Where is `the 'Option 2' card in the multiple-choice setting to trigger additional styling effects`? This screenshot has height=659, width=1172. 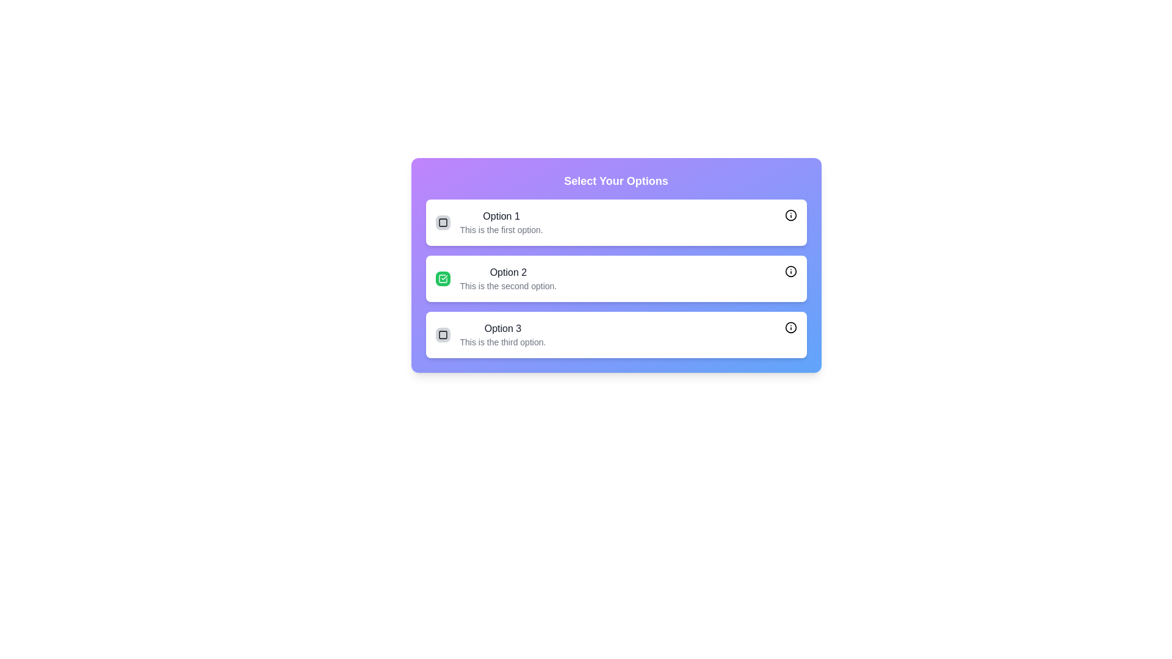
the 'Option 2' card in the multiple-choice setting to trigger additional styling effects is located at coordinates (616, 265).